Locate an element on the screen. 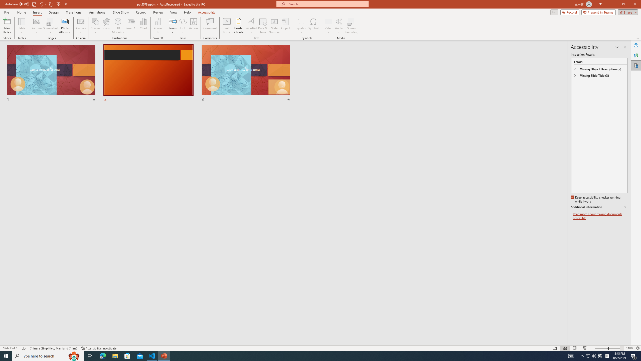 The height and width of the screenshot is (361, 641). 'Table' is located at coordinates (22, 26).